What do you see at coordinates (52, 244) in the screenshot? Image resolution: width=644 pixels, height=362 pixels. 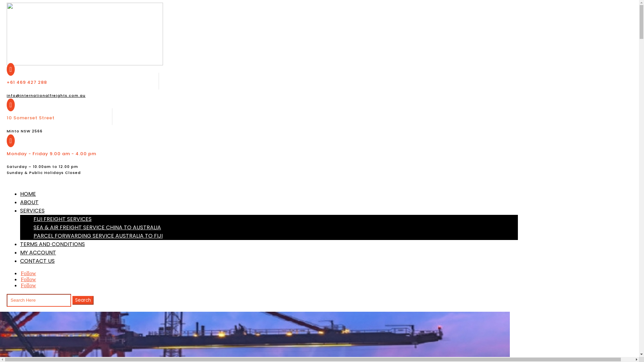 I see `'TERMS AND CONDITIONS'` at bounding box center [52, 244].